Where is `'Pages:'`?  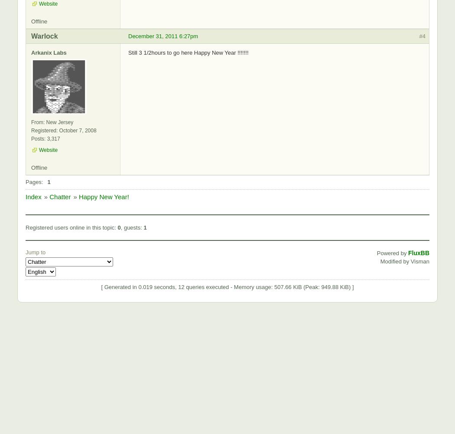 'Pages:' is located at coordinates (34, 181).